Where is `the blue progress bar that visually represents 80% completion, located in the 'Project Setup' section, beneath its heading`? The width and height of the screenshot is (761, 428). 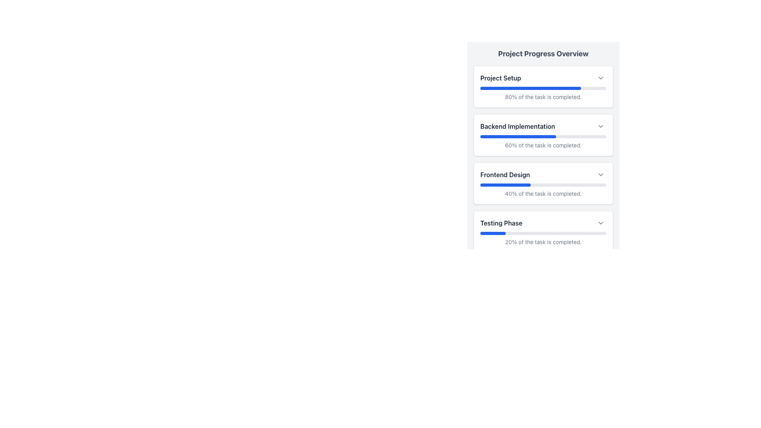 the blue progress bar that visually represents 80% completion, located in the 'Project Setup' section, beneath its heading is located at coordinates (531, 88).